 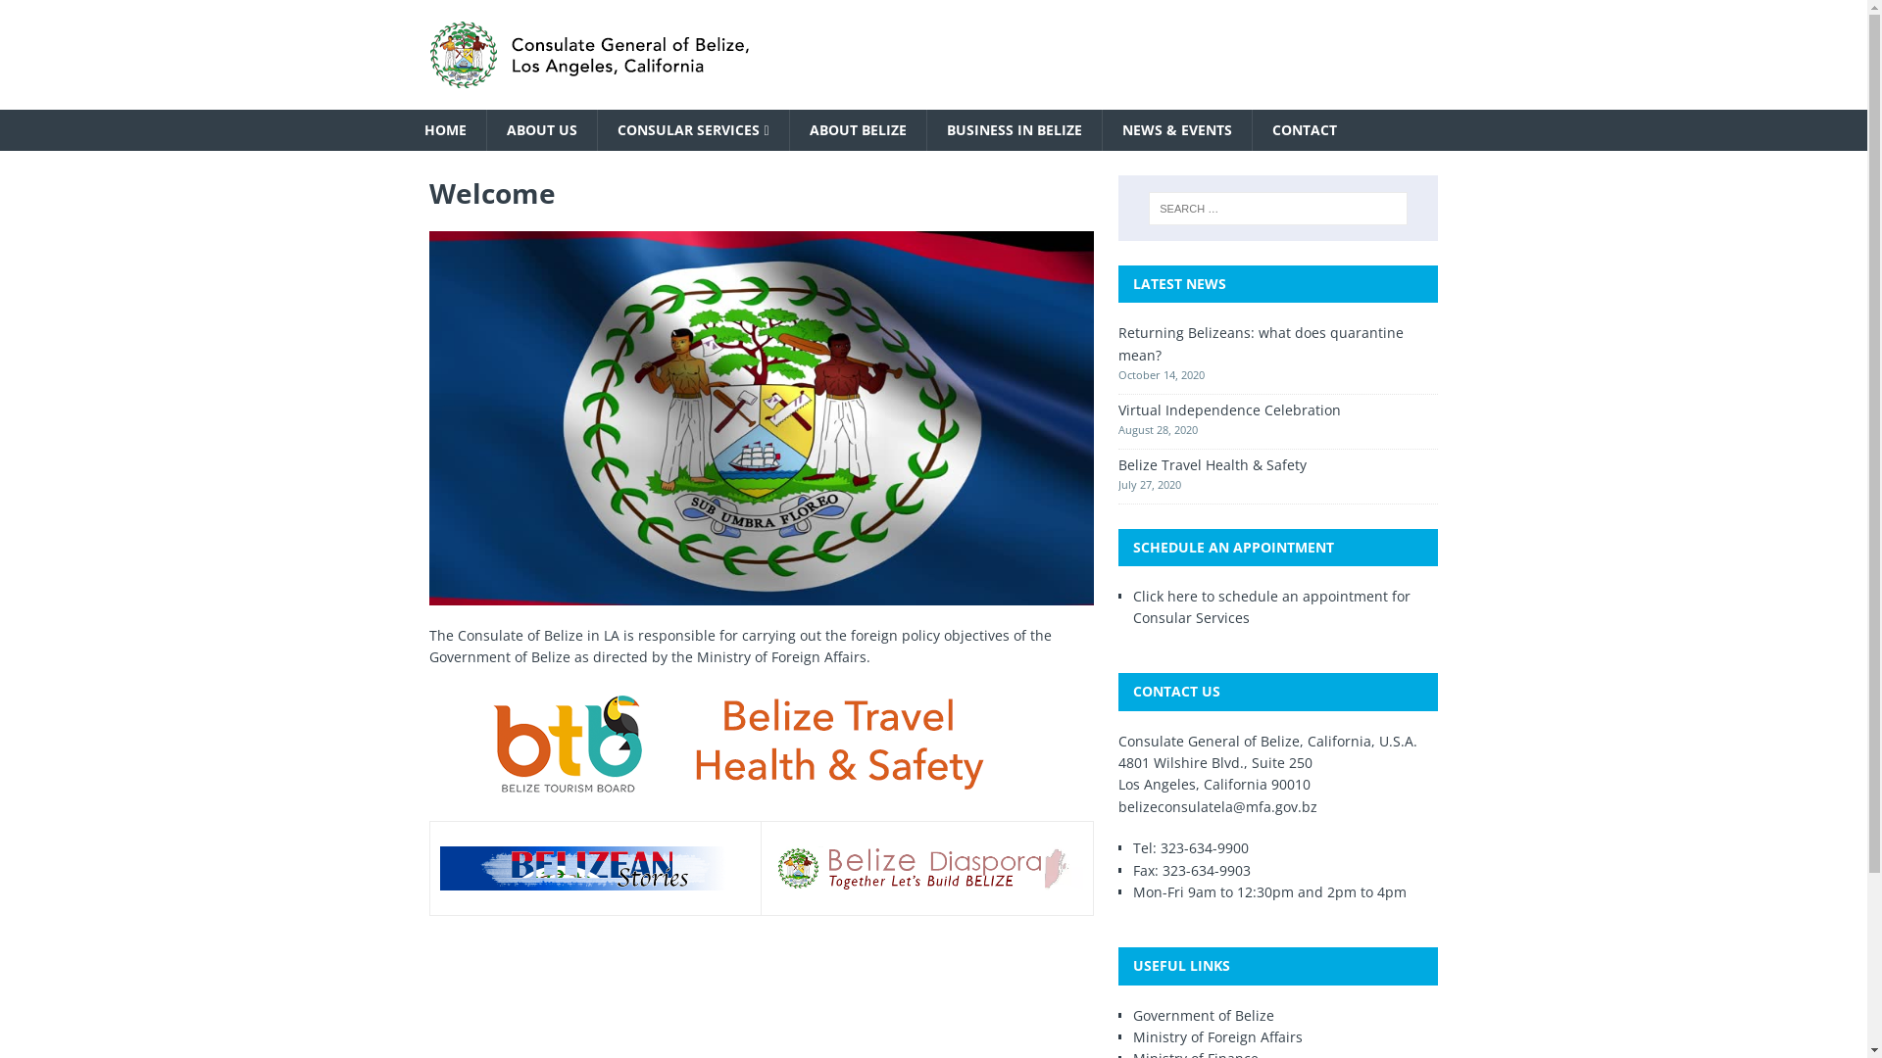 What do you see at coordinates (1101, 129) in the screenshot?
I see `'NEWS & EVENTS'` at bounding box center [1101, 129].